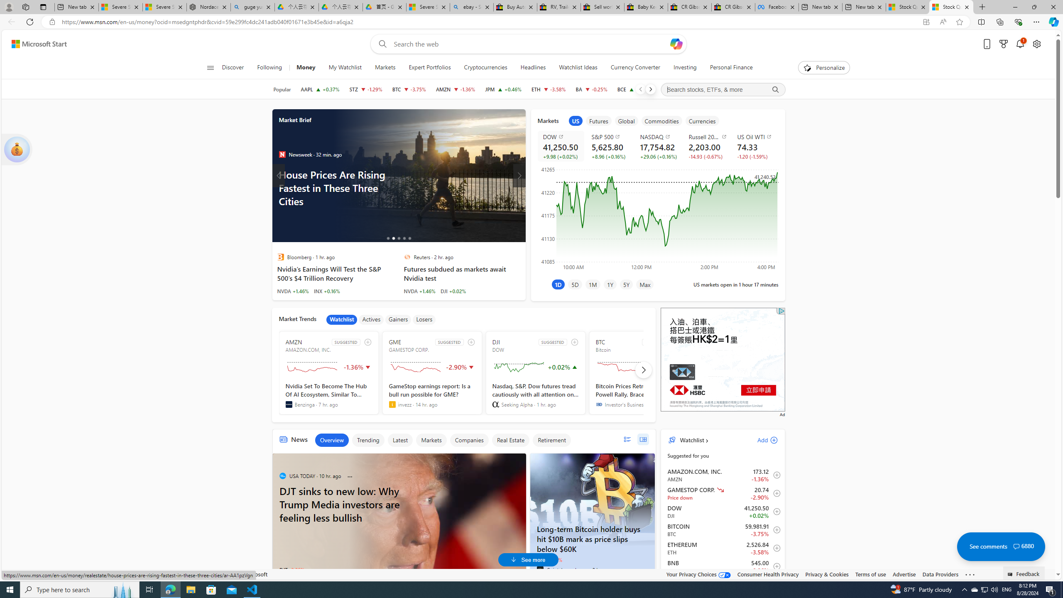  Describe the element at coordinates (627, 439) in the screenshot. I see `'list layout'` at that location.